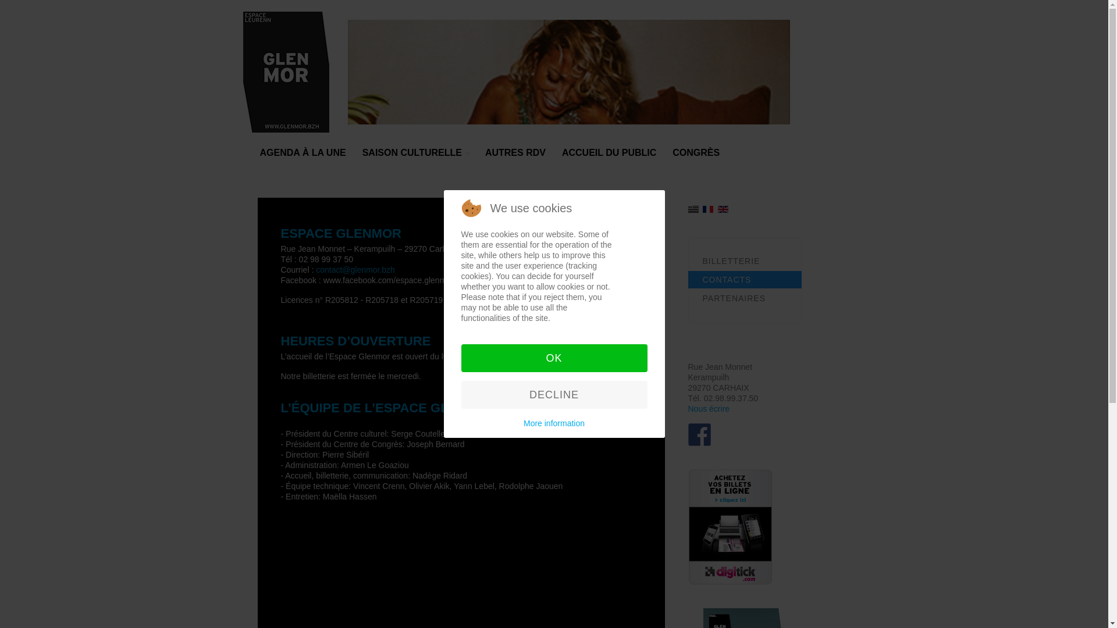 The width and height of the screenshot is (1117, 628). Describe the element at coordinates (523, 423) in the screenshot. I see `'More information'` at that location.